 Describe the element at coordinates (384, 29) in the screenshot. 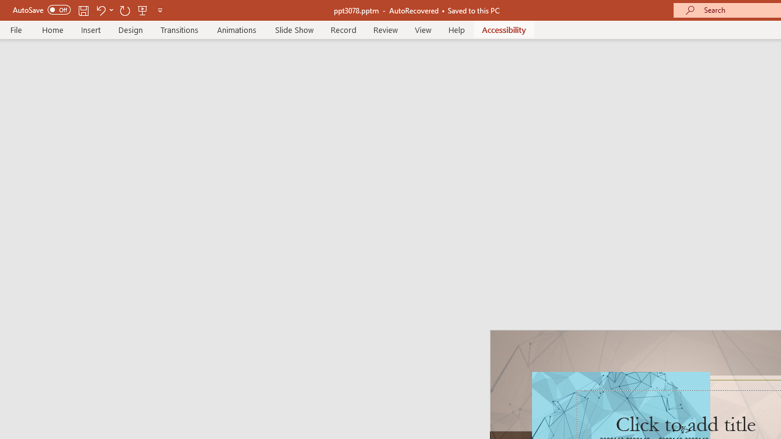

I see `'Review'` at that location.